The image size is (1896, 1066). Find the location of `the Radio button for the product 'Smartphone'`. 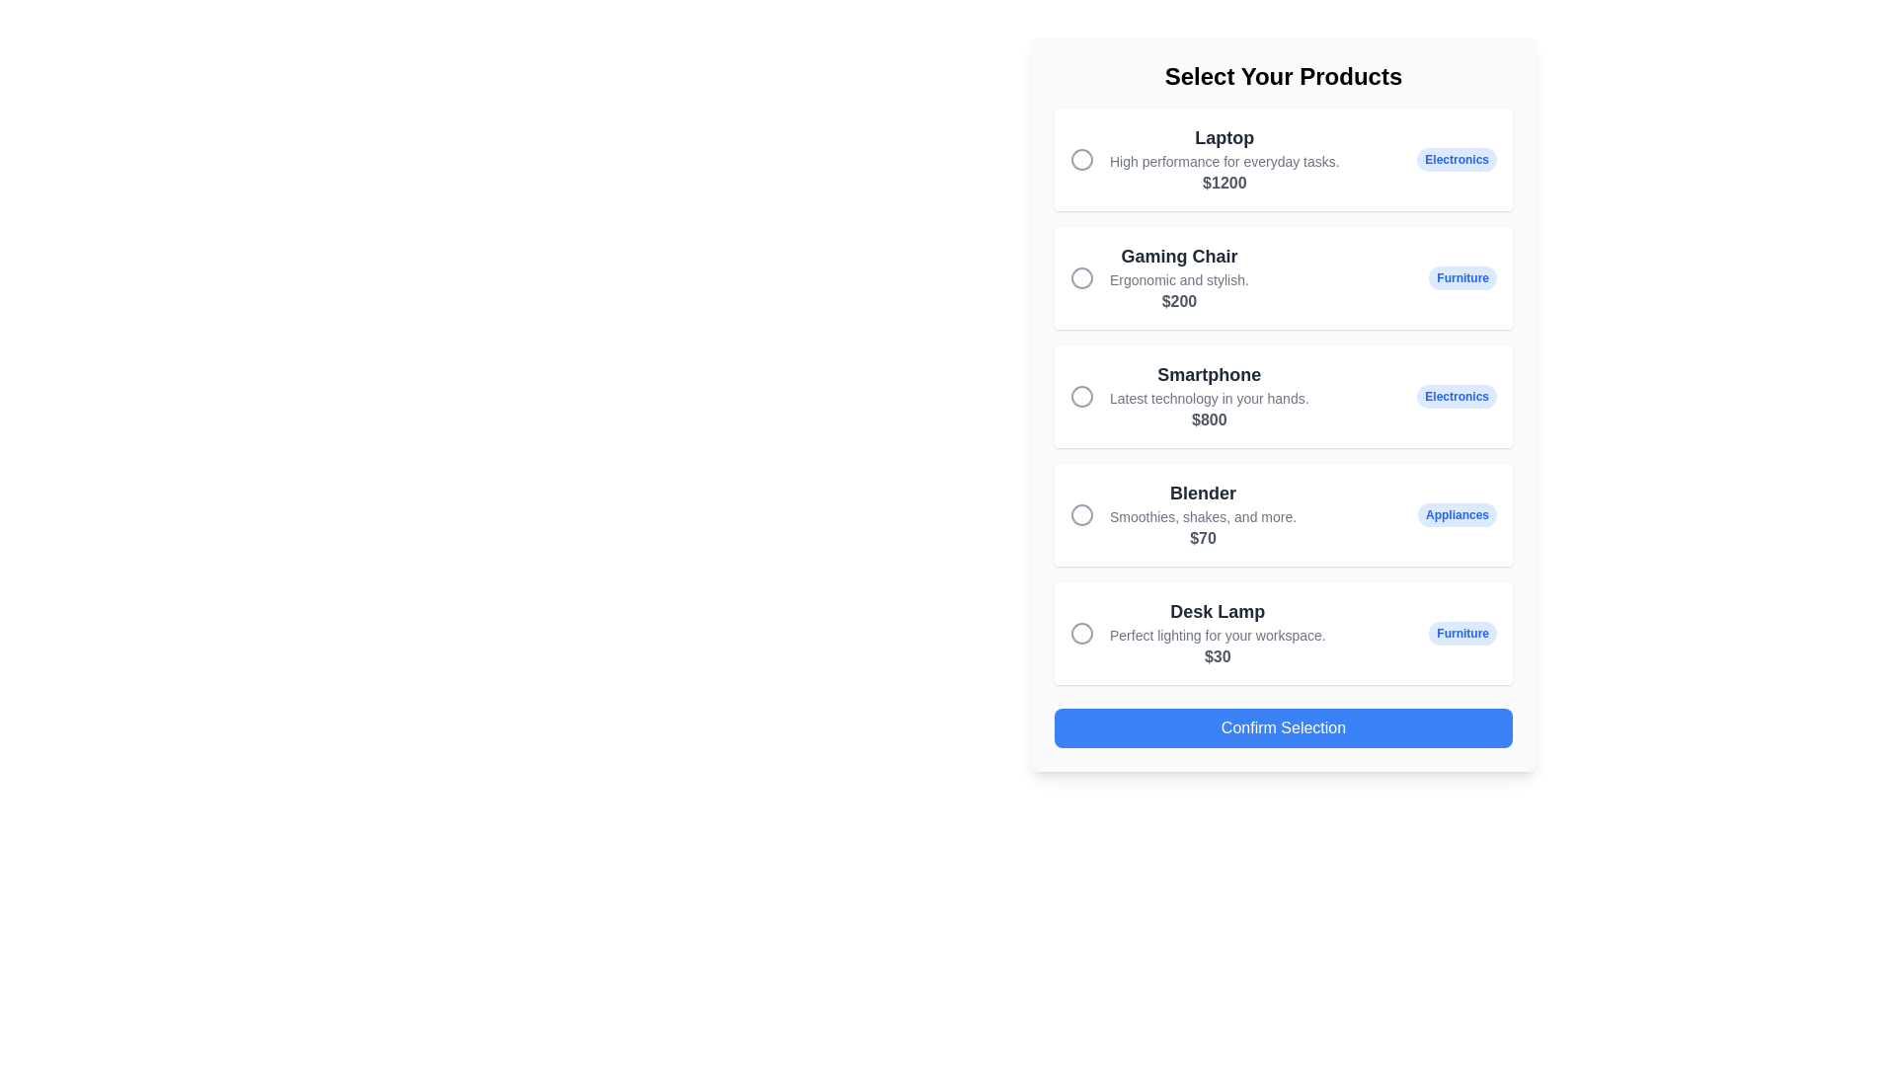

the Radio button for the product 'Smartphone' is located at coordinates (1080, 396).